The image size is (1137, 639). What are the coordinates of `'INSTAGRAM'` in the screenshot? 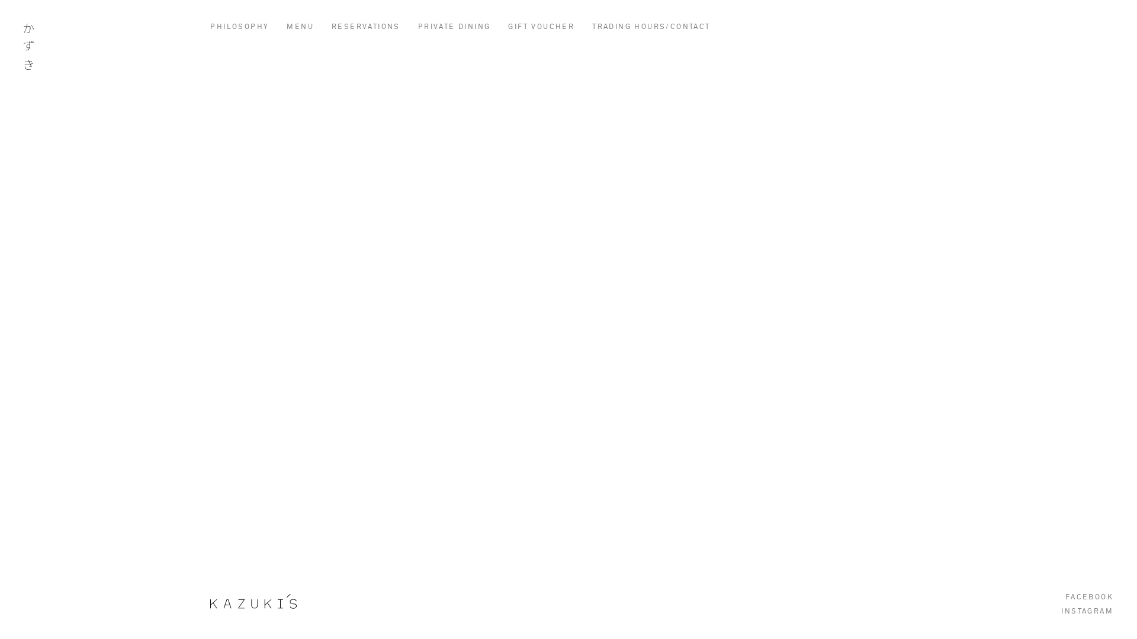 It's located at (1087, 611).